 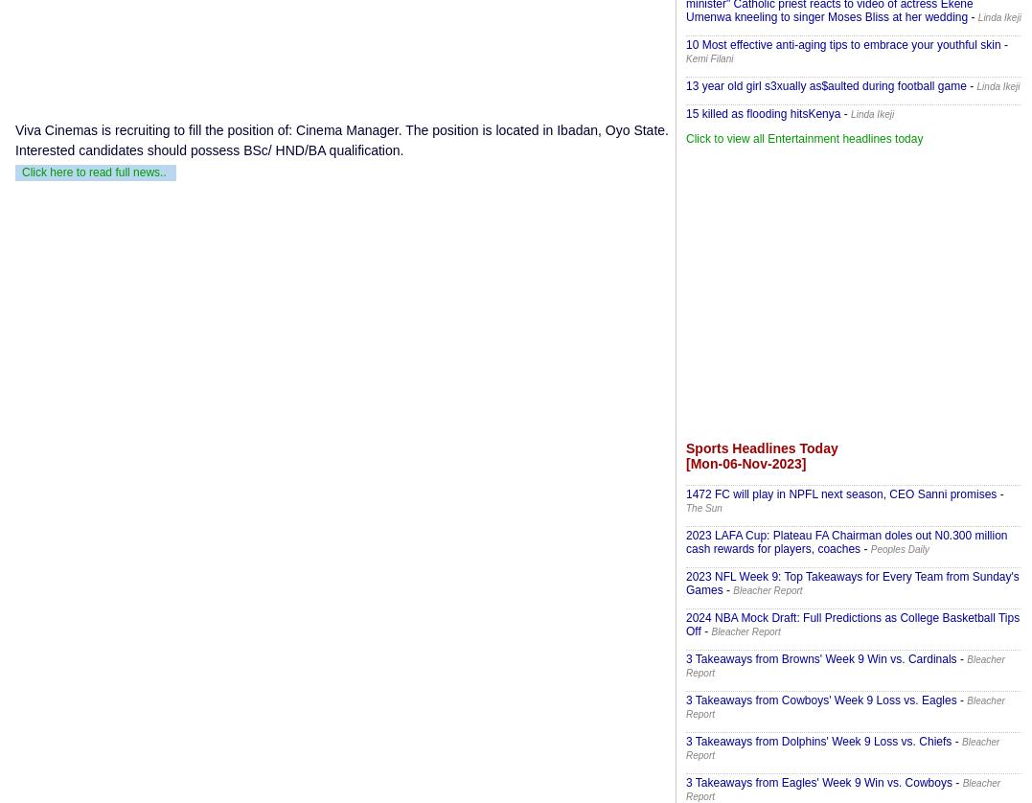 I want to click on '2023 LAFA Cup: Plateau FA Chairman doles out N0.300 million cash rewards for players, coaches', so click(x=846, y=541).